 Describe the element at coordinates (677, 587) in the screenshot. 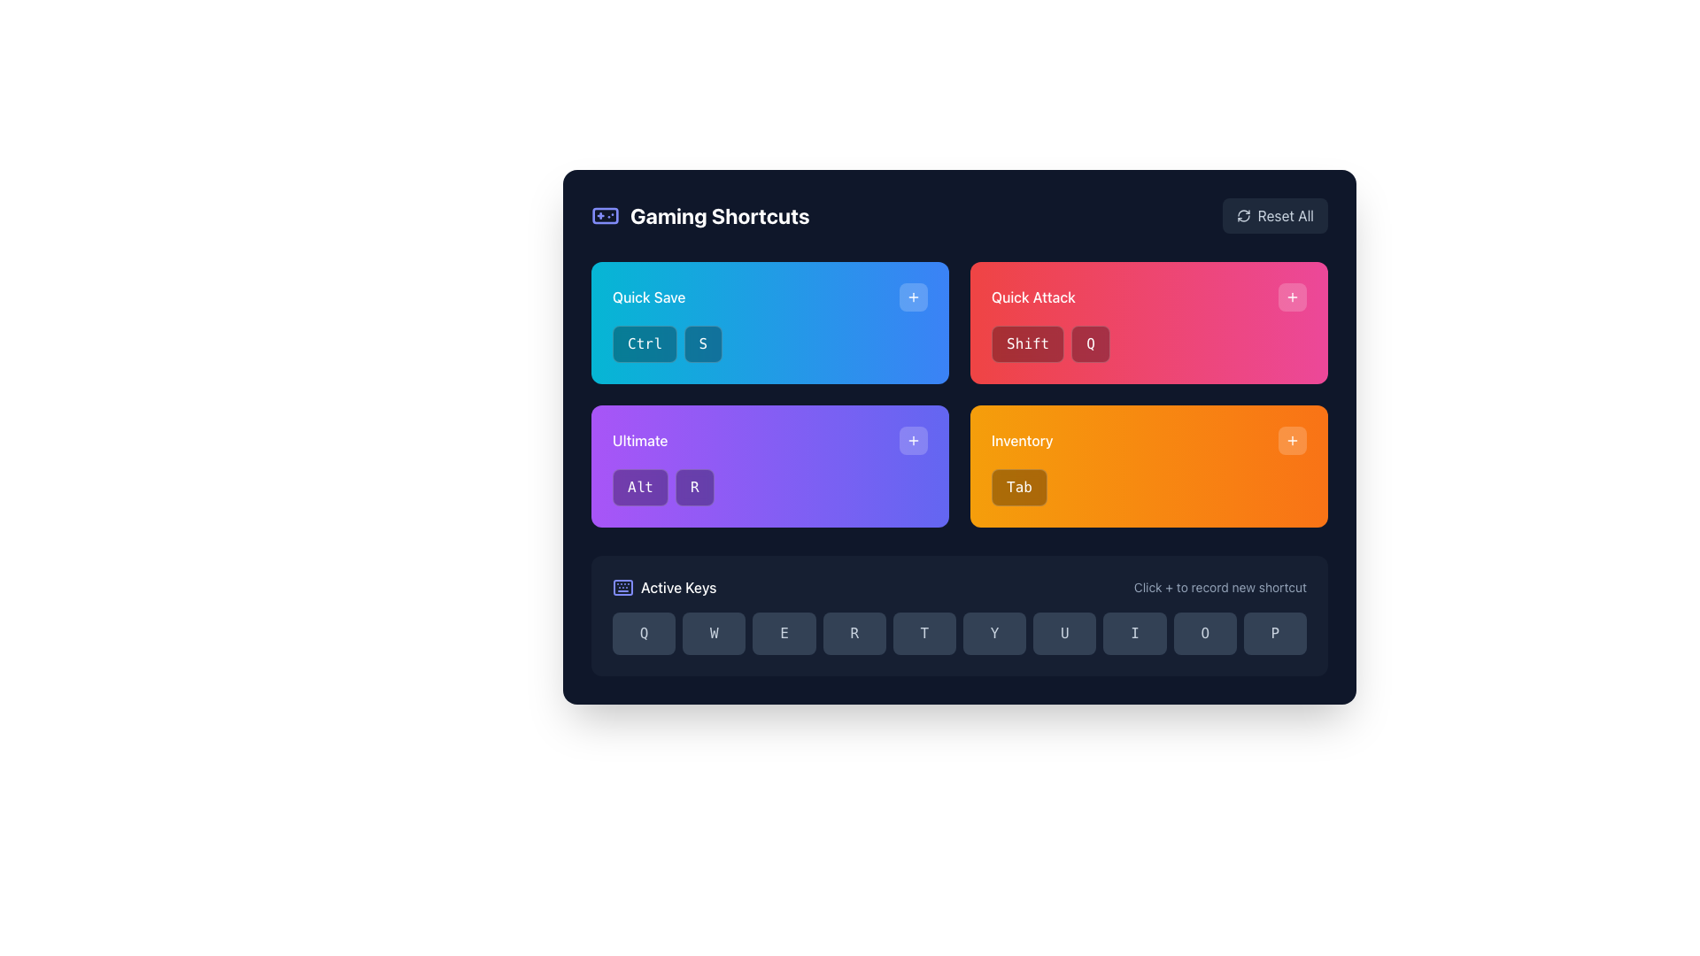

I see `the text label reading 'Active Keys', which is styled with a white font color and medium boldness, positioned on a dark blue rectangular background, located in the bottom left section of the primary area, directly to the right of a keyboard icon` at that location.